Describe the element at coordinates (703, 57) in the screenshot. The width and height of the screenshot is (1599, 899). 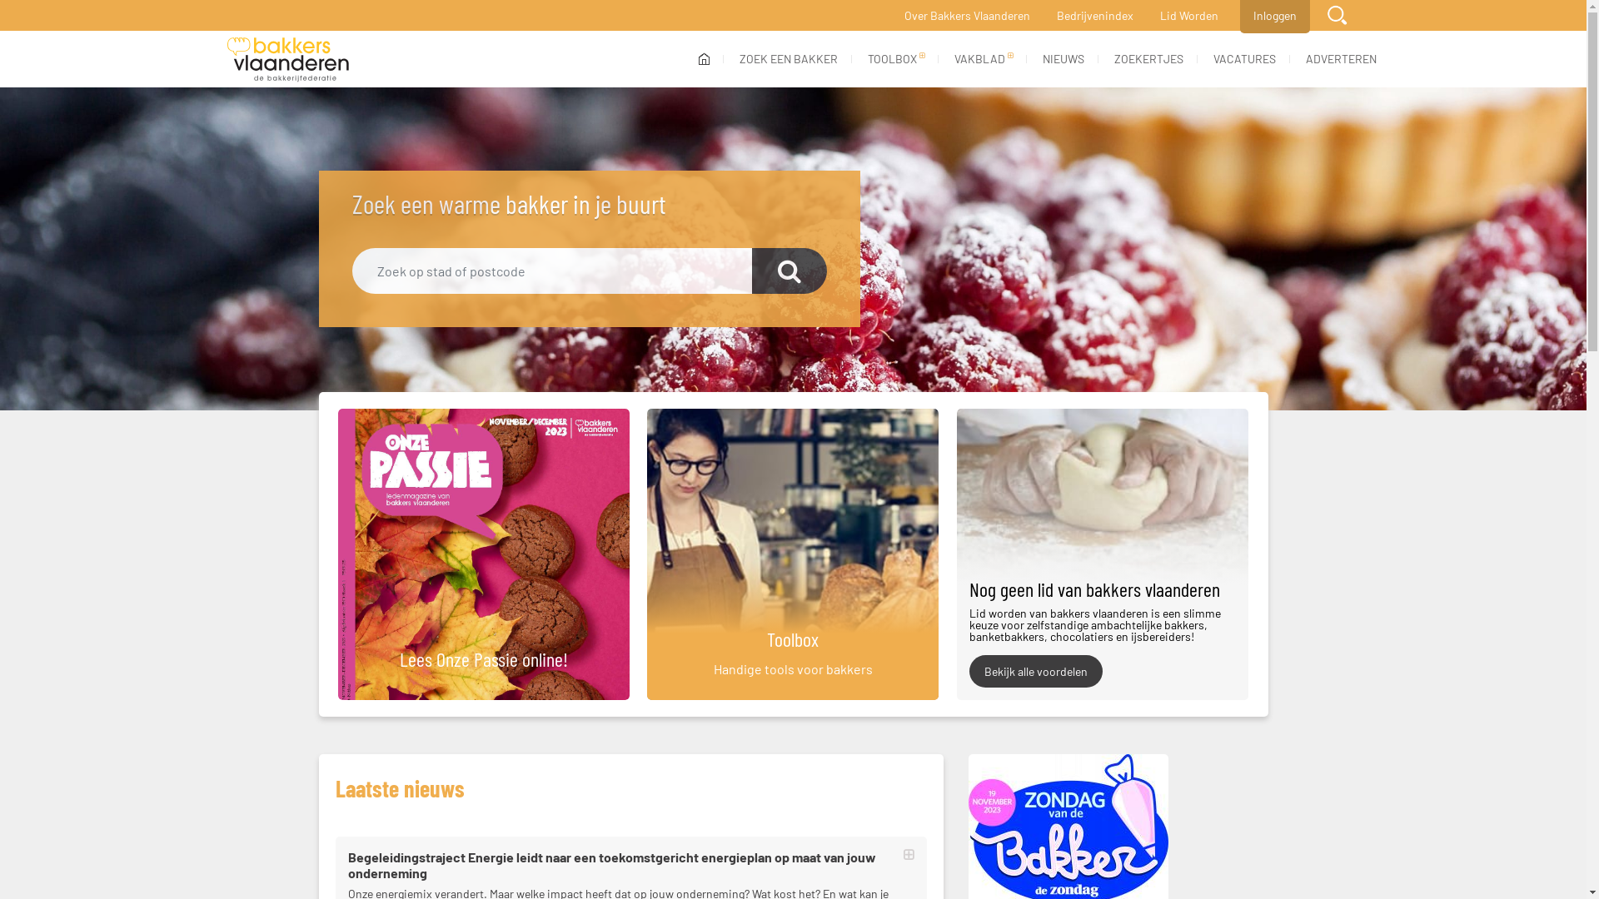
I see `'(current)'` at that location.